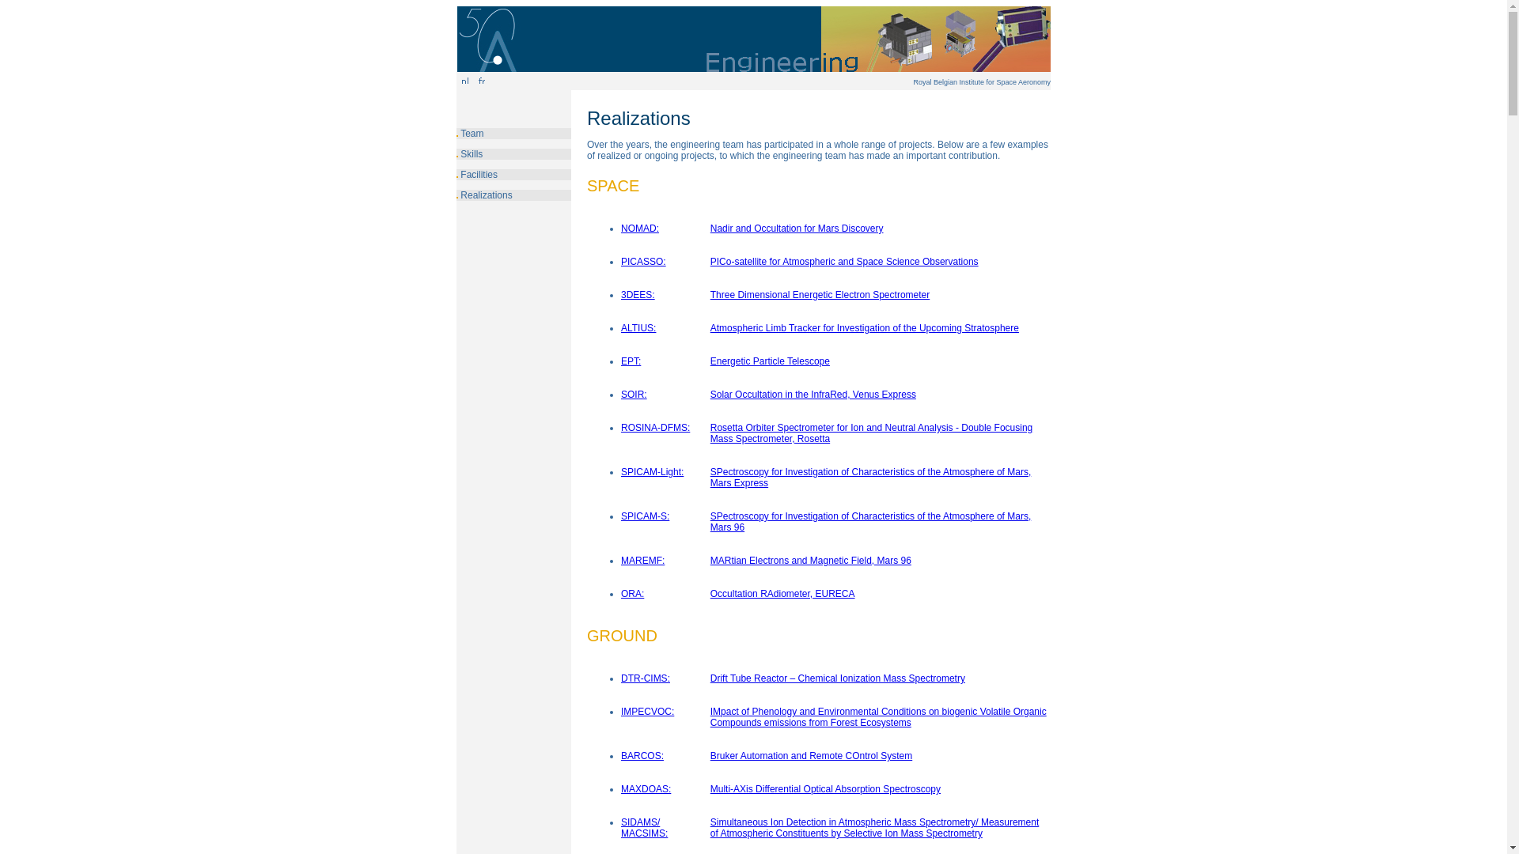 The width and height of the screenshot is (1519, 854). Describe the element at coordinates (634, 393) in the screenshot. I see `'SOIR:'` at that location.